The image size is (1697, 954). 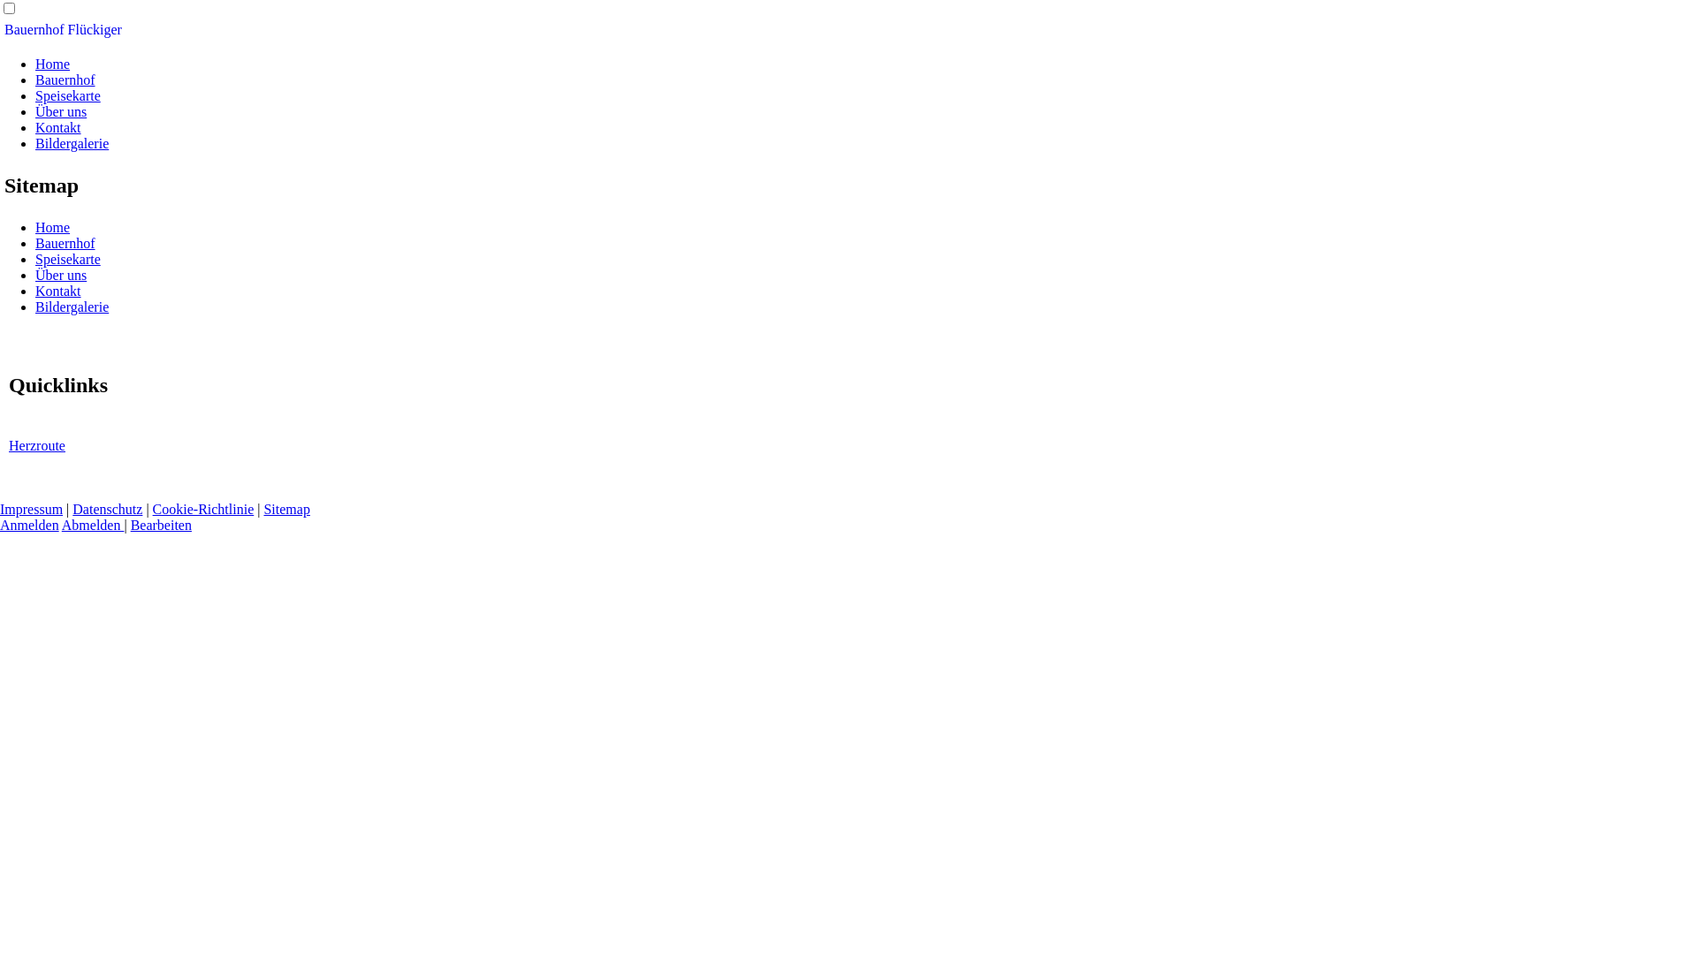 What do you see at coordinates (65, 79) in the screenshot?
I see `'Bauernhof'` at bounding box center [65, 79].